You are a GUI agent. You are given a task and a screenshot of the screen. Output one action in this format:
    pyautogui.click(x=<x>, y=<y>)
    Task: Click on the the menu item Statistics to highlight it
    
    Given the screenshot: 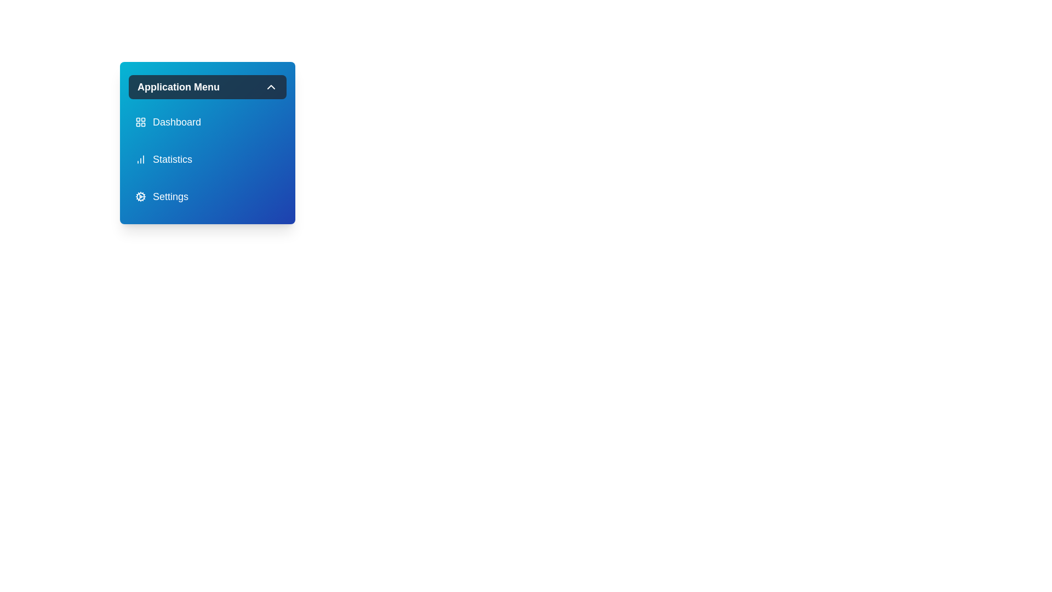 What is the action you would take?
    pyautogui.click(x=208, y=159)
    